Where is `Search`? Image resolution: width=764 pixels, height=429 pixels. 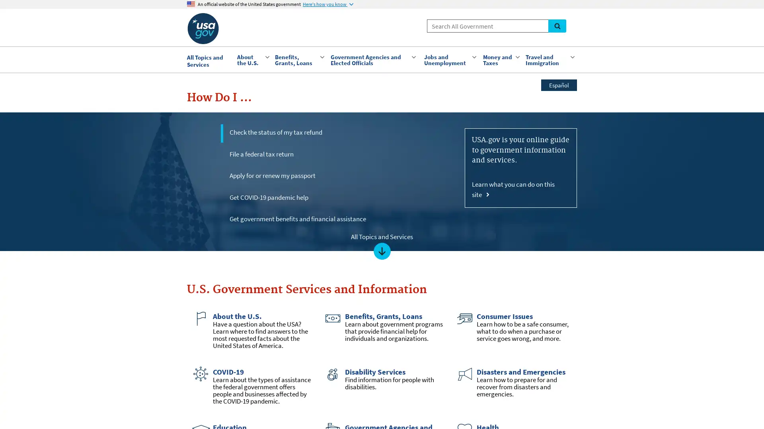 Search is located at coordinates (557, 25).